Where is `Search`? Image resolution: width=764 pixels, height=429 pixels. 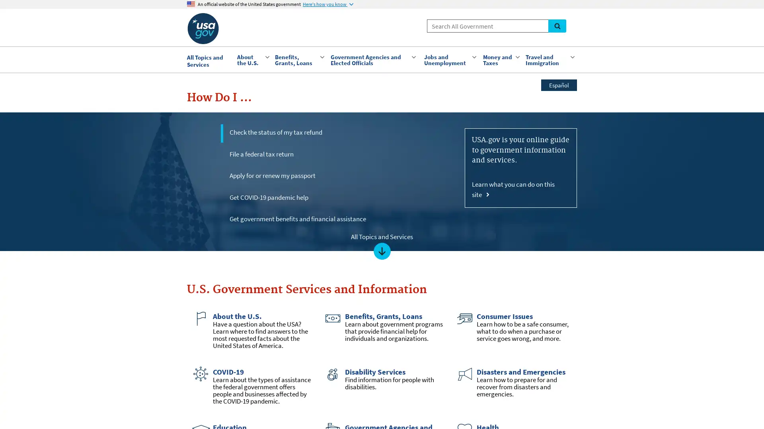 Search is located at coordinates (557, 25).